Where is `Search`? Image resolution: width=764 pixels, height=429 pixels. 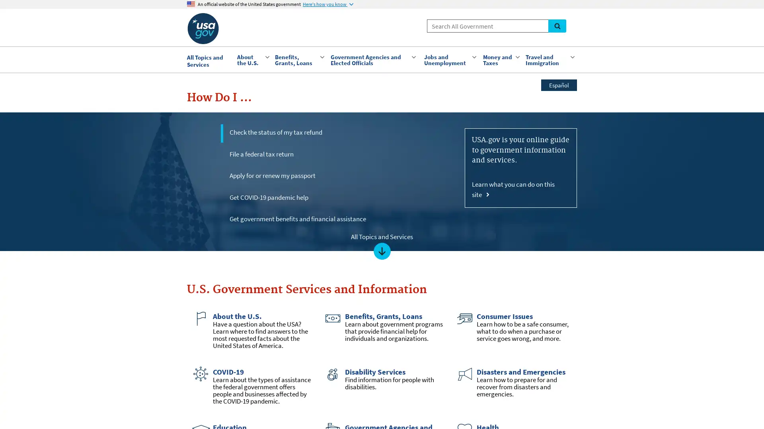 Search is located at coordinates (557, 25).